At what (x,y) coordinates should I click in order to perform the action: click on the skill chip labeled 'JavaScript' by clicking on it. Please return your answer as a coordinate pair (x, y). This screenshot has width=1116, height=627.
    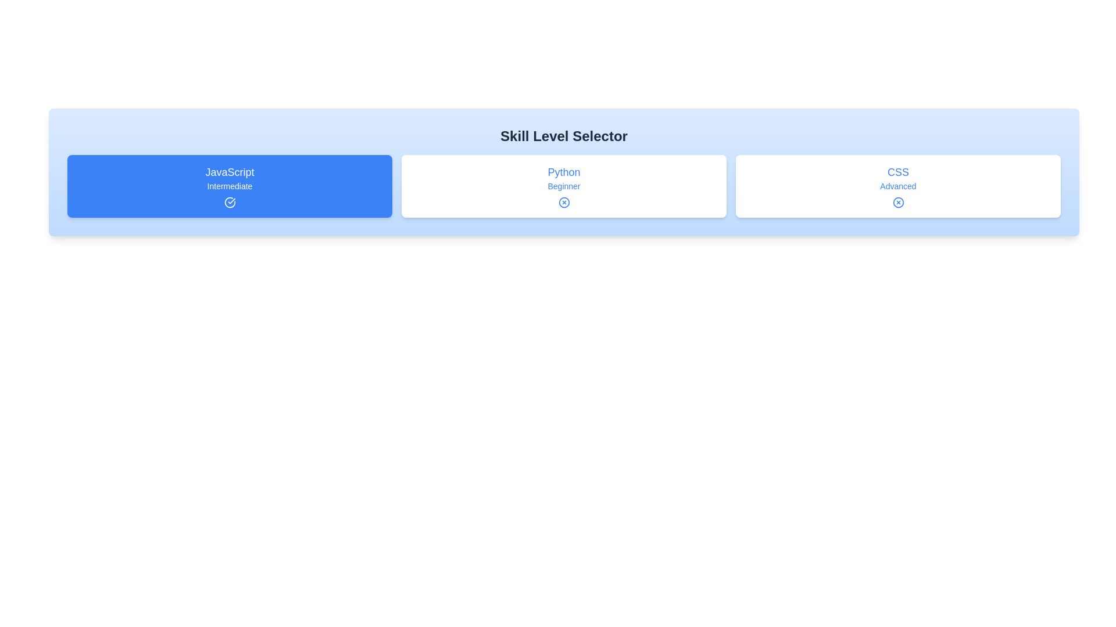
    Looking at the image, I should click on (230, 185).